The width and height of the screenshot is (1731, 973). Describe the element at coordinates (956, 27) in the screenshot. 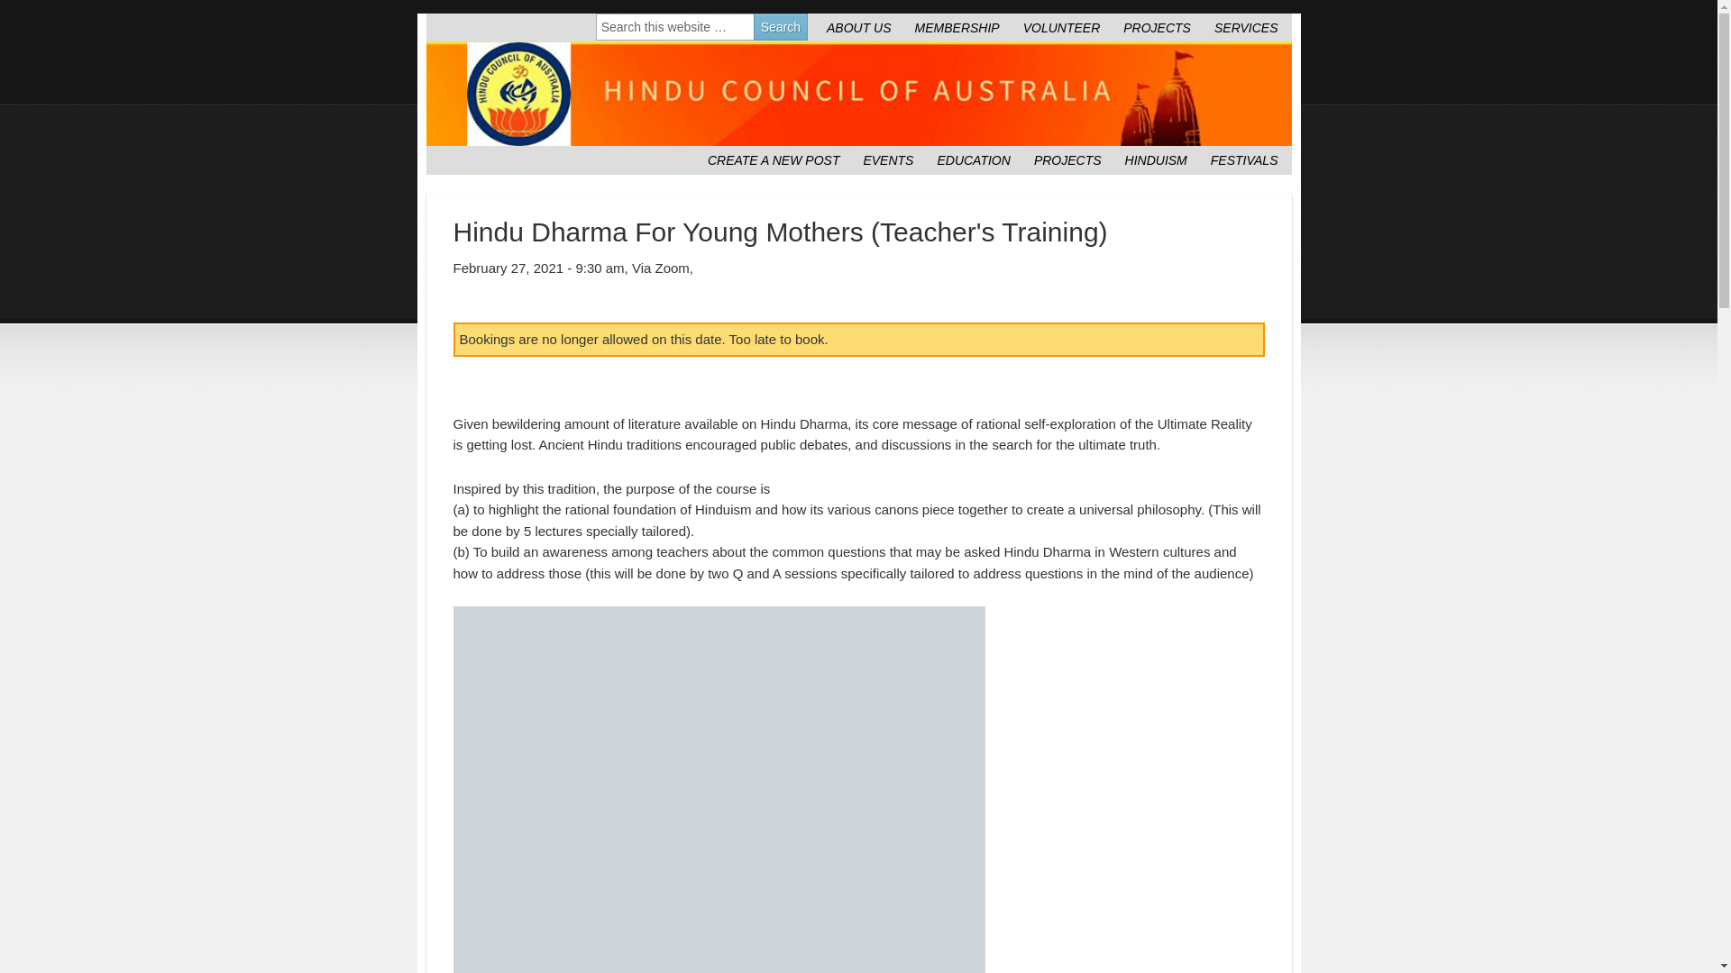

I see `'MEMBERSHIP'` at that location.